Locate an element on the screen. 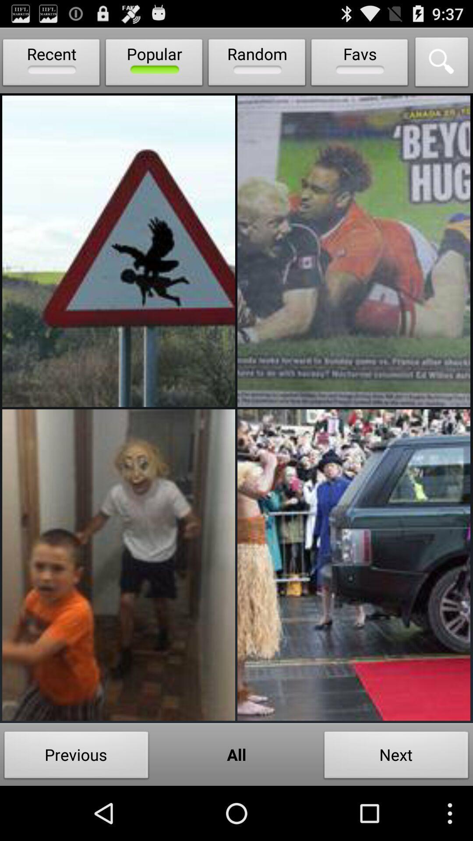 This screenshot has height=841, width=473. the item to the right of the random icon is located at coordinates (360, 64).